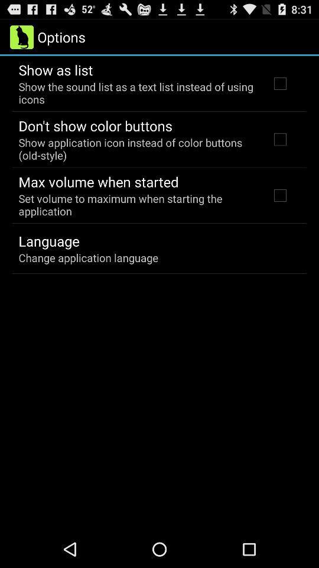 The image size is (319, 568). What do you see at coordinates (136, 205) in the screenshot?
I see `the set volume to at the center` at bounding box center [136, 205].